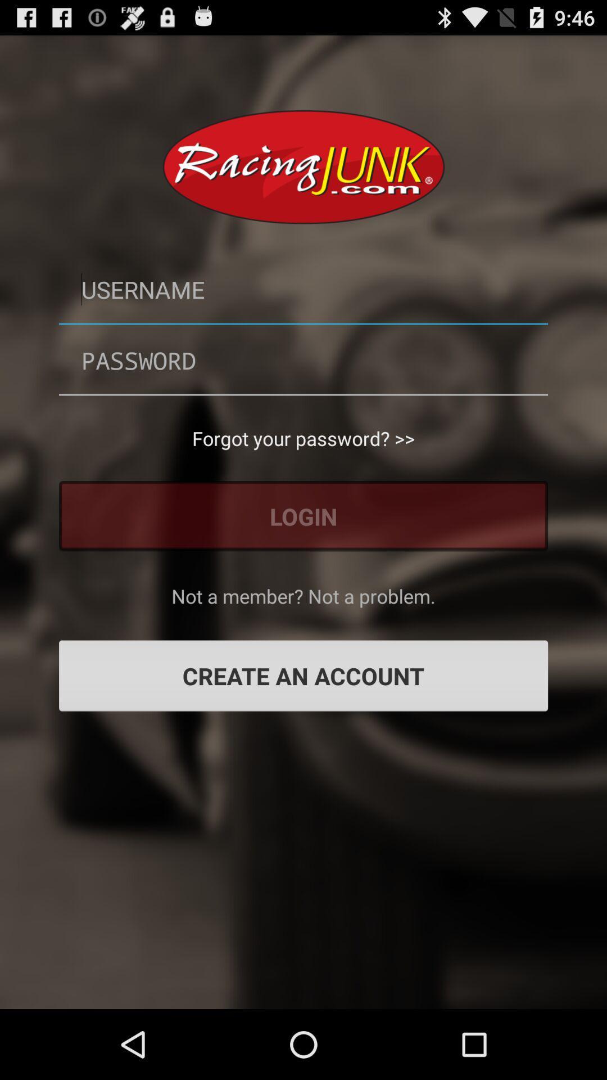 This screenshot has height=1080, width=607. I want to click on create an account icon, so click(303, 675).